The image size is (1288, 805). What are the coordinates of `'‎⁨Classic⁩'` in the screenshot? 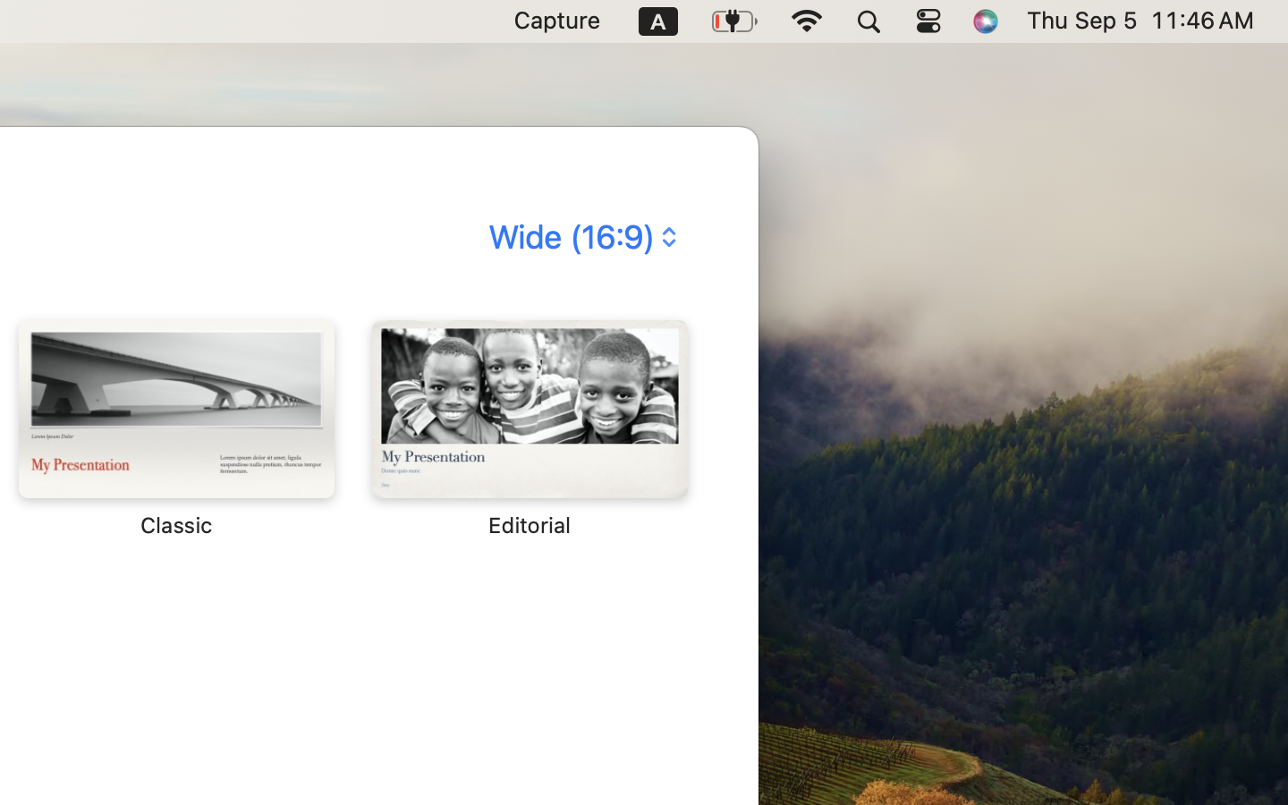 It's located at (175, 428).